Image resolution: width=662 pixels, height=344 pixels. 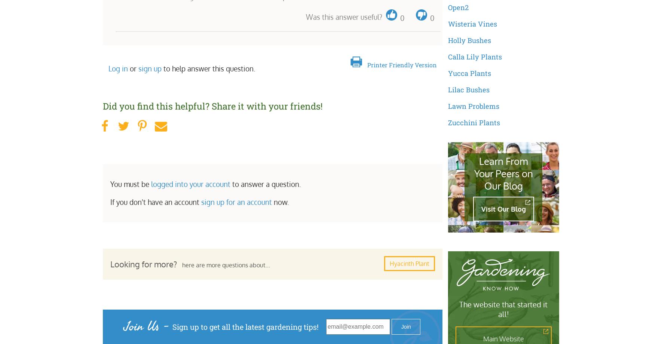 What do you see at coordinates (155, 202) in the screenshot?
I see `'If you don't have an account'` at bounding box center [155, 202].